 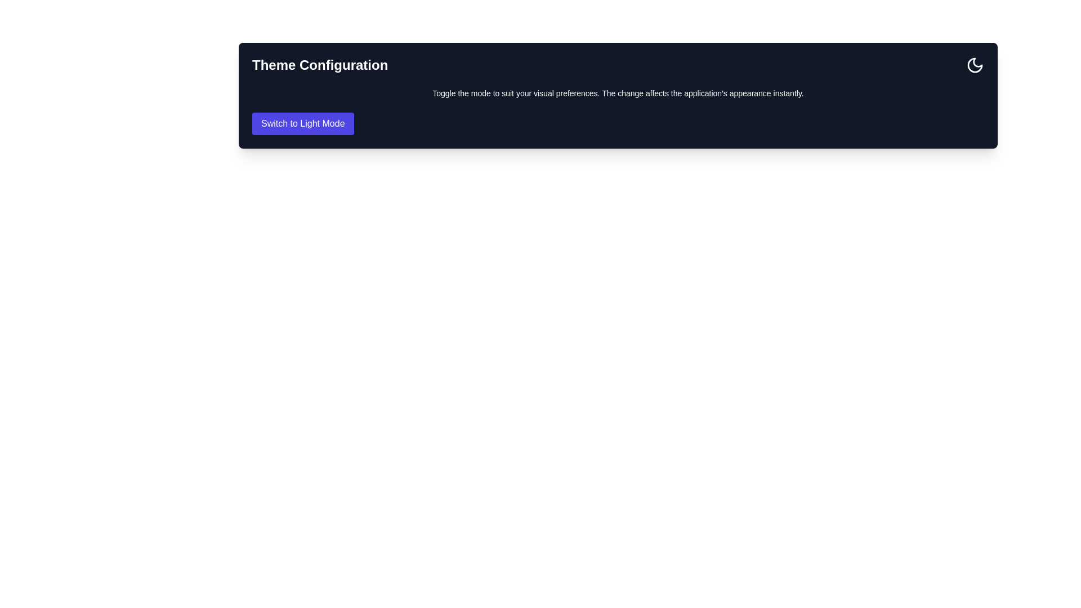 What do you see at coordinates (975, 65) in the screenshot?
I see `the theme toggle icon located` at bounding box center [975, 65].